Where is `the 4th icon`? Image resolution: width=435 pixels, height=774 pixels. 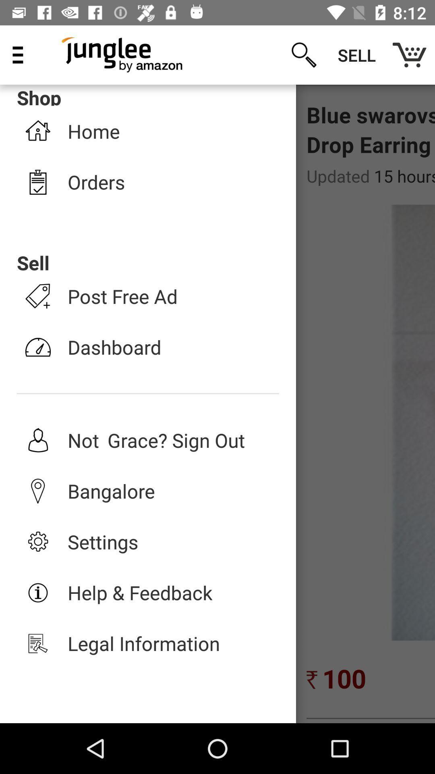 the 4th icon is located at coordinates (38, 347).